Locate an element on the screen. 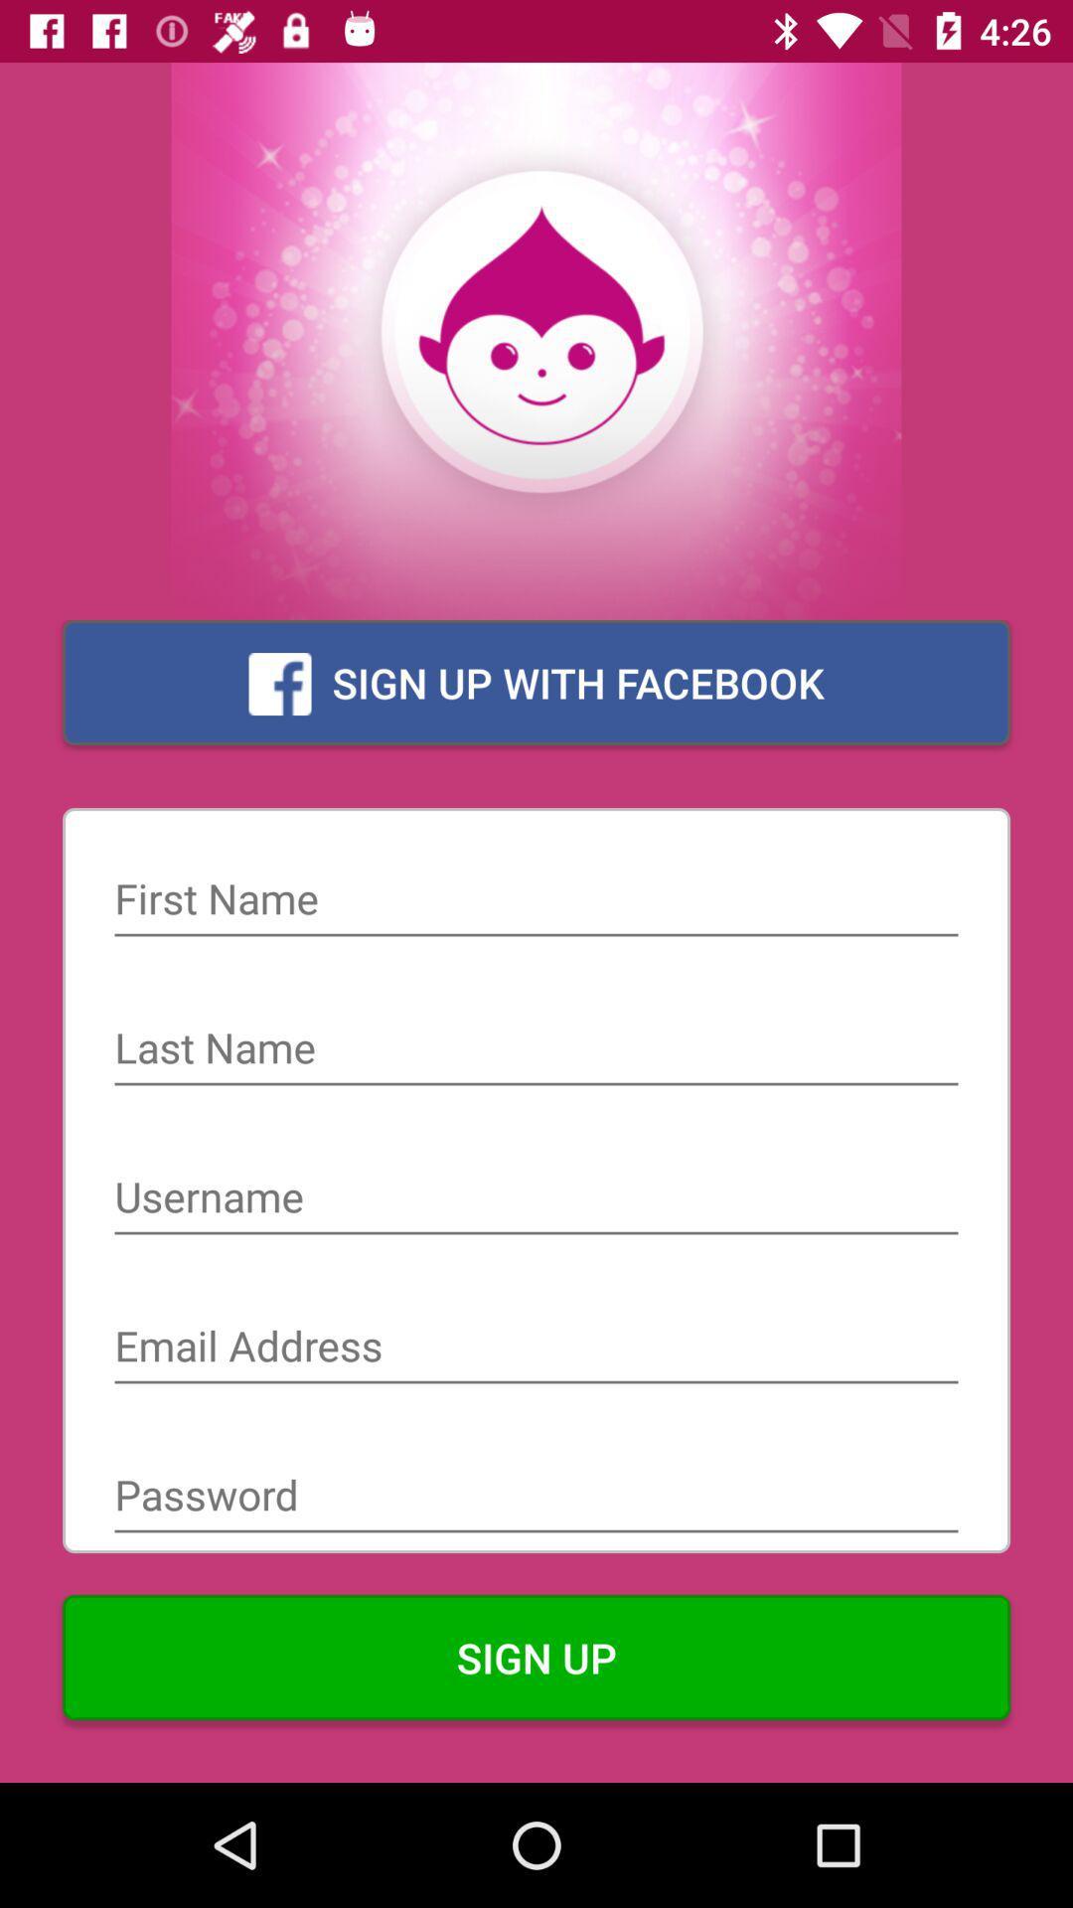 This screenshot has width=1073, height=1908. password field is located at coordinates (536, 1498).